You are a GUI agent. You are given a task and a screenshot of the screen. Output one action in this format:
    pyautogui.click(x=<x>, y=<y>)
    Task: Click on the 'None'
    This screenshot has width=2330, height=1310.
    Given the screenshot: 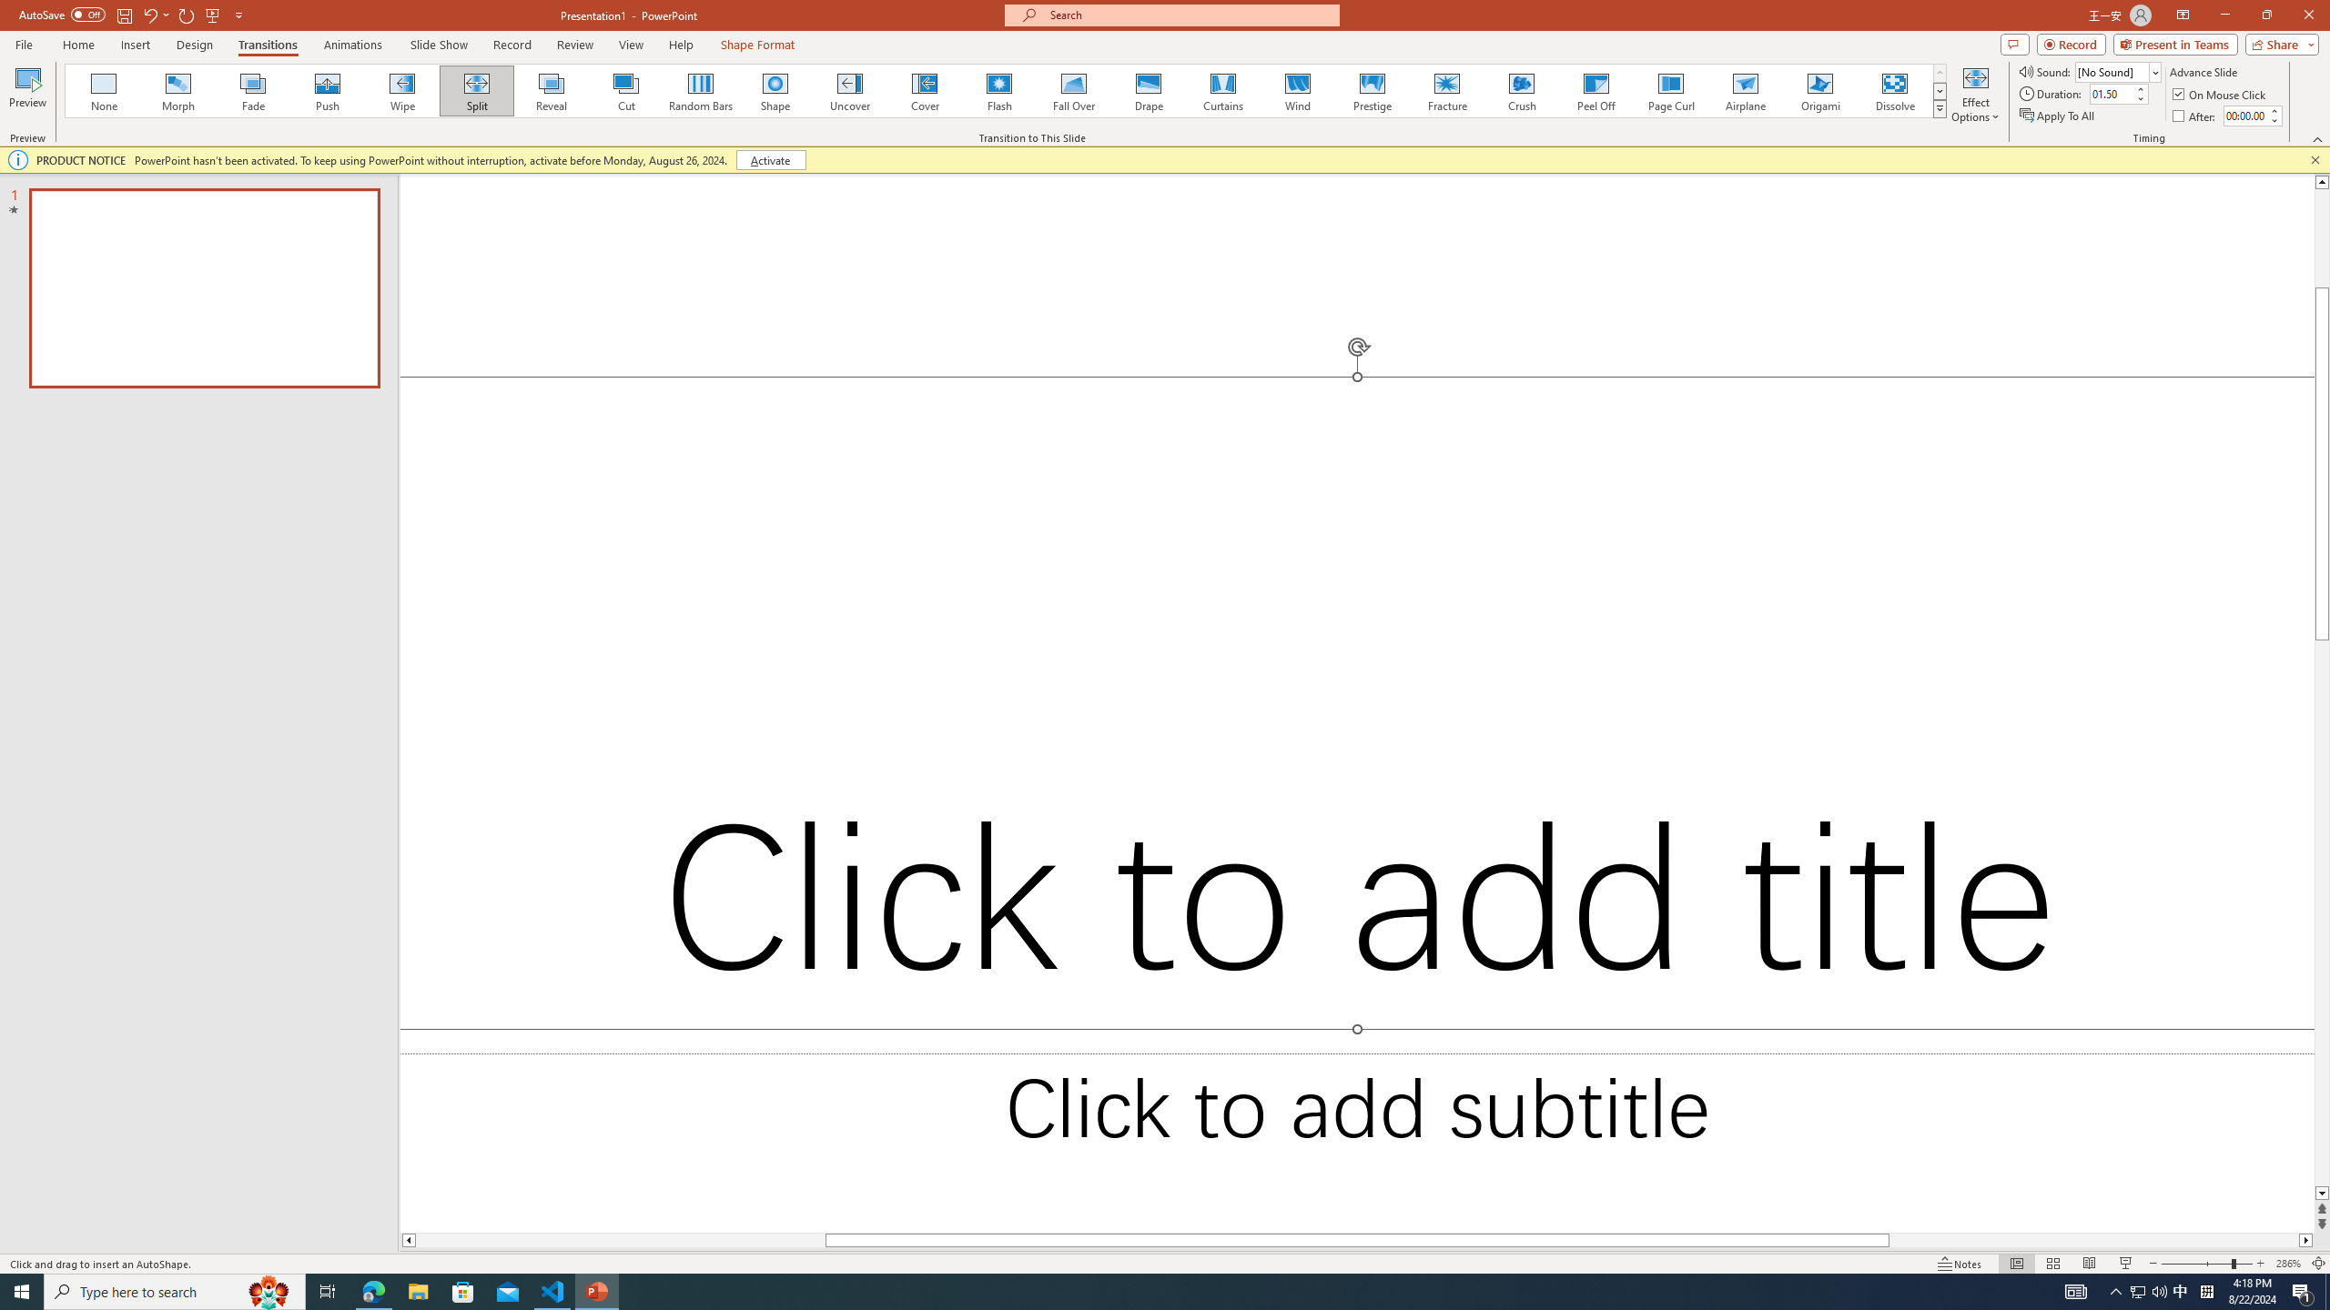 What is the action you would take?
    pyautogui.click(x=104, y=90)
    